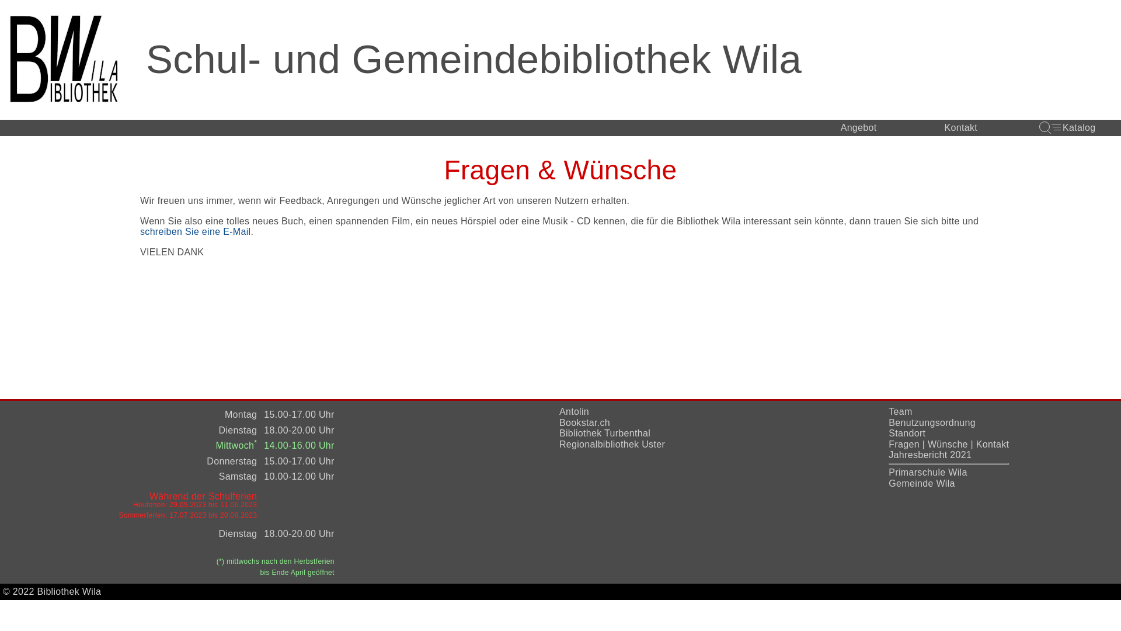 The image size is (1121, 631). I want to click on 'schreiben Sie eine E-Mail', so click(195, 232).